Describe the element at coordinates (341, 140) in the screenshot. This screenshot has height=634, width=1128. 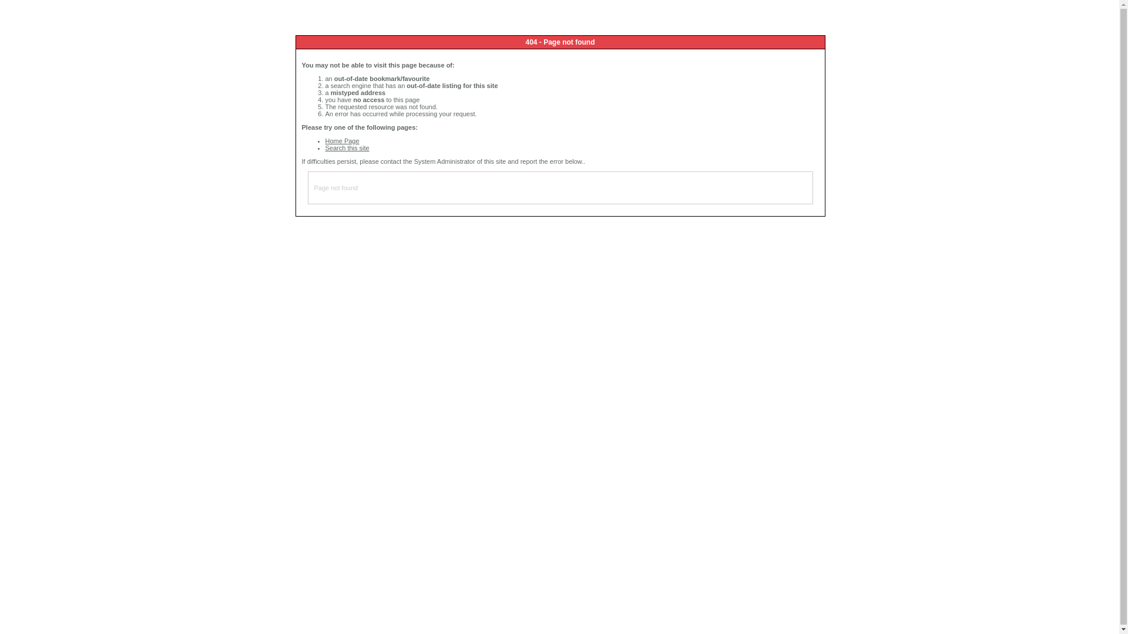
I see `'Home Page'` at that location.